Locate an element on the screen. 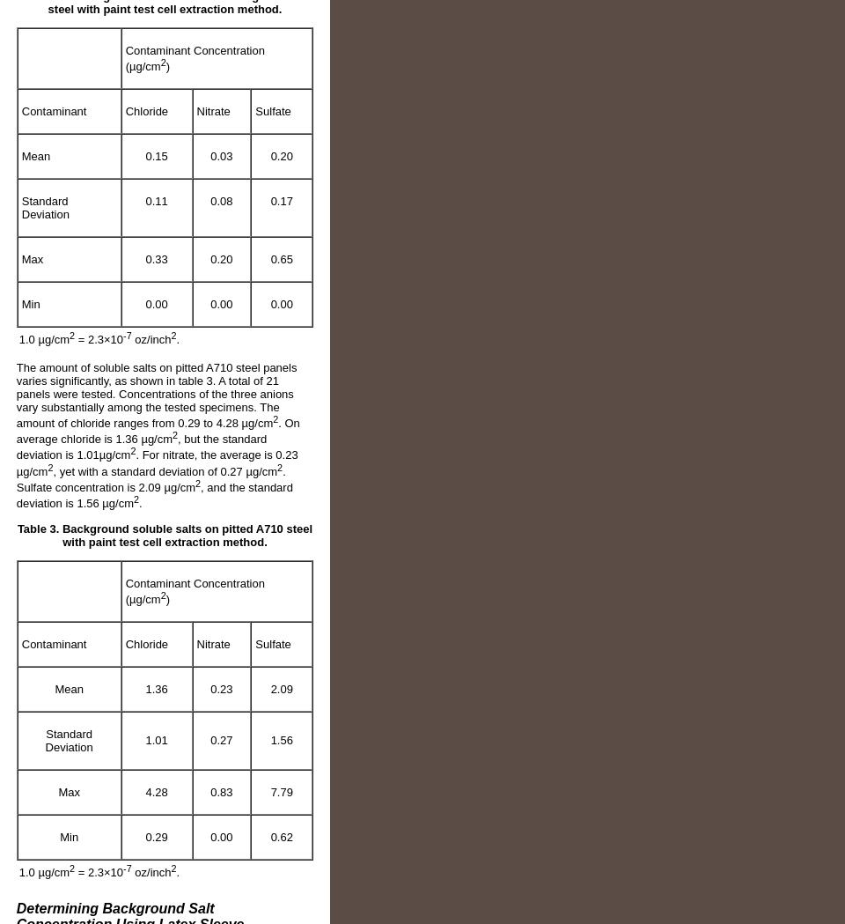  '0.33' is located at coordinates (155, 259).